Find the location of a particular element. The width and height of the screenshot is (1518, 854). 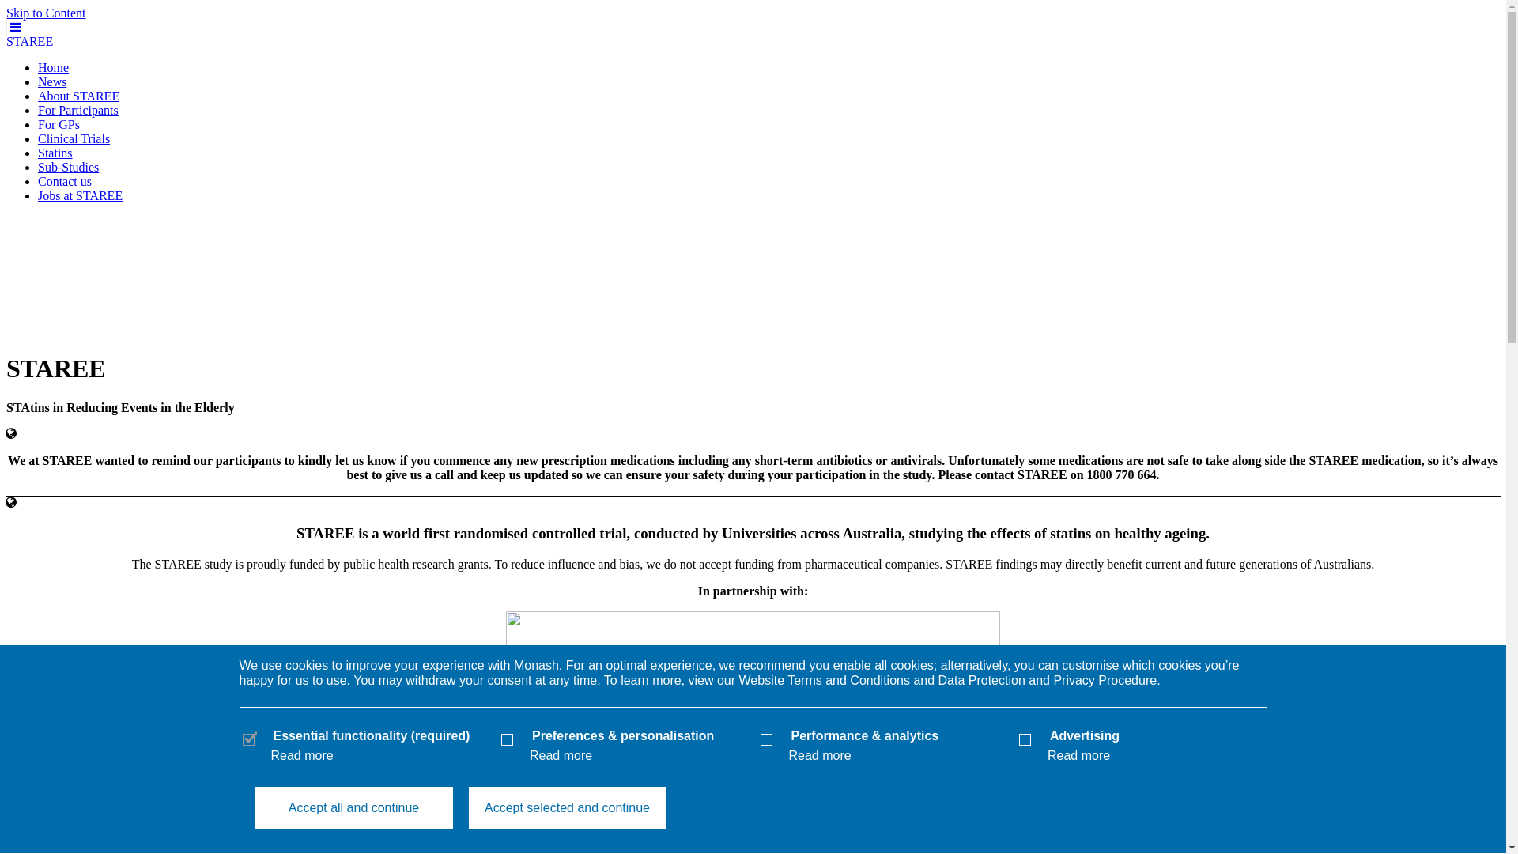

'For Participants' is located at coordinates (77, 109).